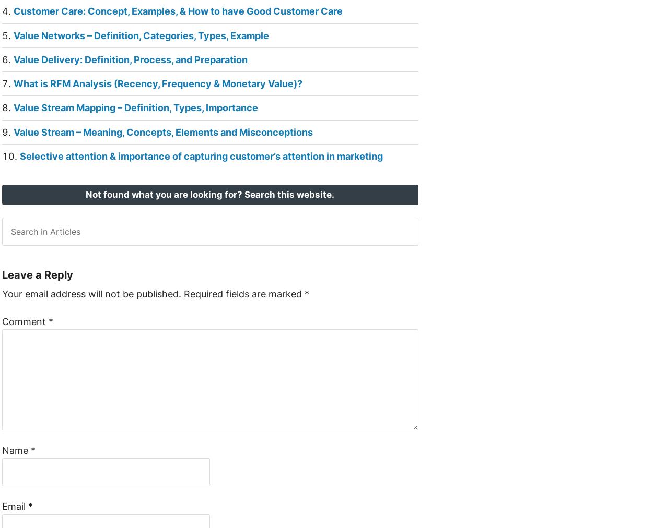 This screenshot has width=653, height=528. What do you see at coordinates (210, 194) in the screenshot?
I see `'Not found what you are looking for? Search this website.'` at bounding box center [210, 194].